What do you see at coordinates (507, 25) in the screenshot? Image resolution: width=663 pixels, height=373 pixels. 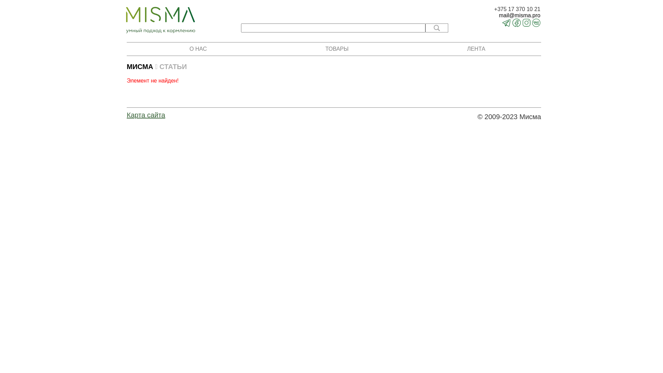 I see `'Telegram'` at bounding box center [507, 25].